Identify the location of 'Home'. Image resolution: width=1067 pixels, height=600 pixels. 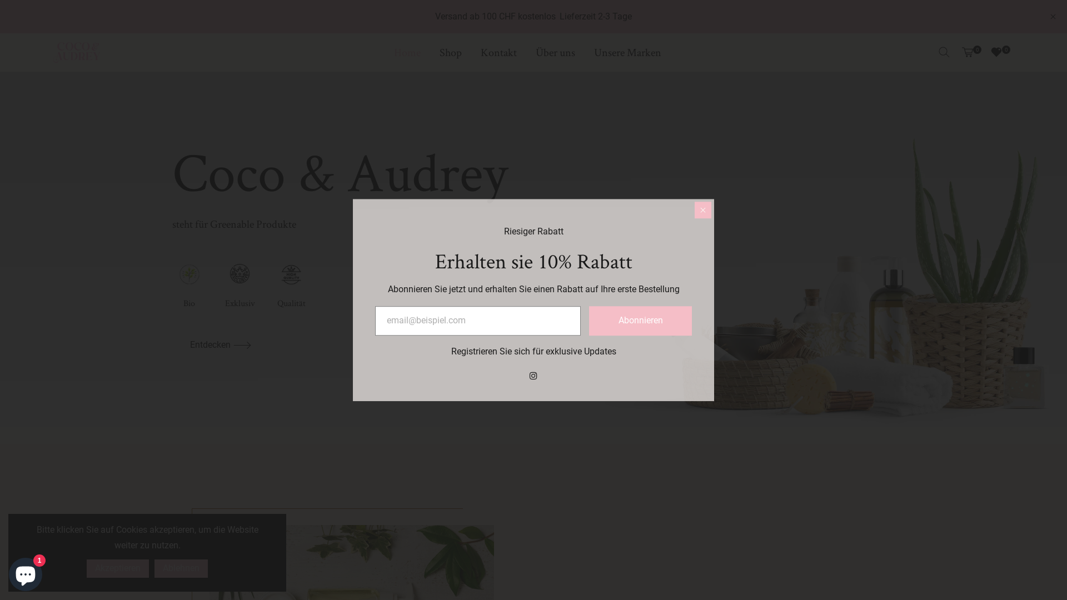
(407, 52).